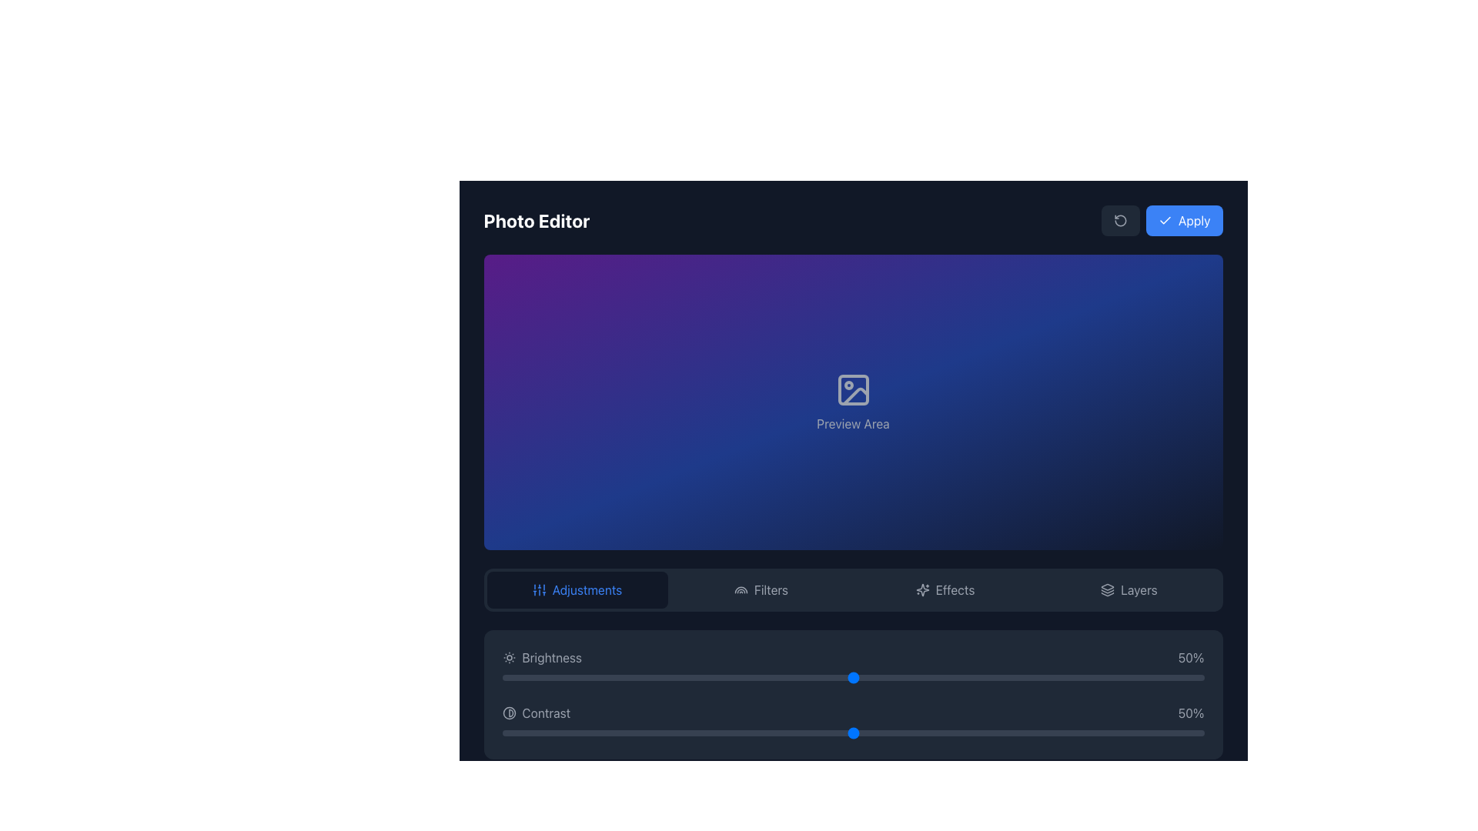  Describe the element at coordinates (1193, 220) in the screenshot. I see `the 'Apply' text element within the blue button in the top-right corner of the interface to trigger visual hover effects` at that location.